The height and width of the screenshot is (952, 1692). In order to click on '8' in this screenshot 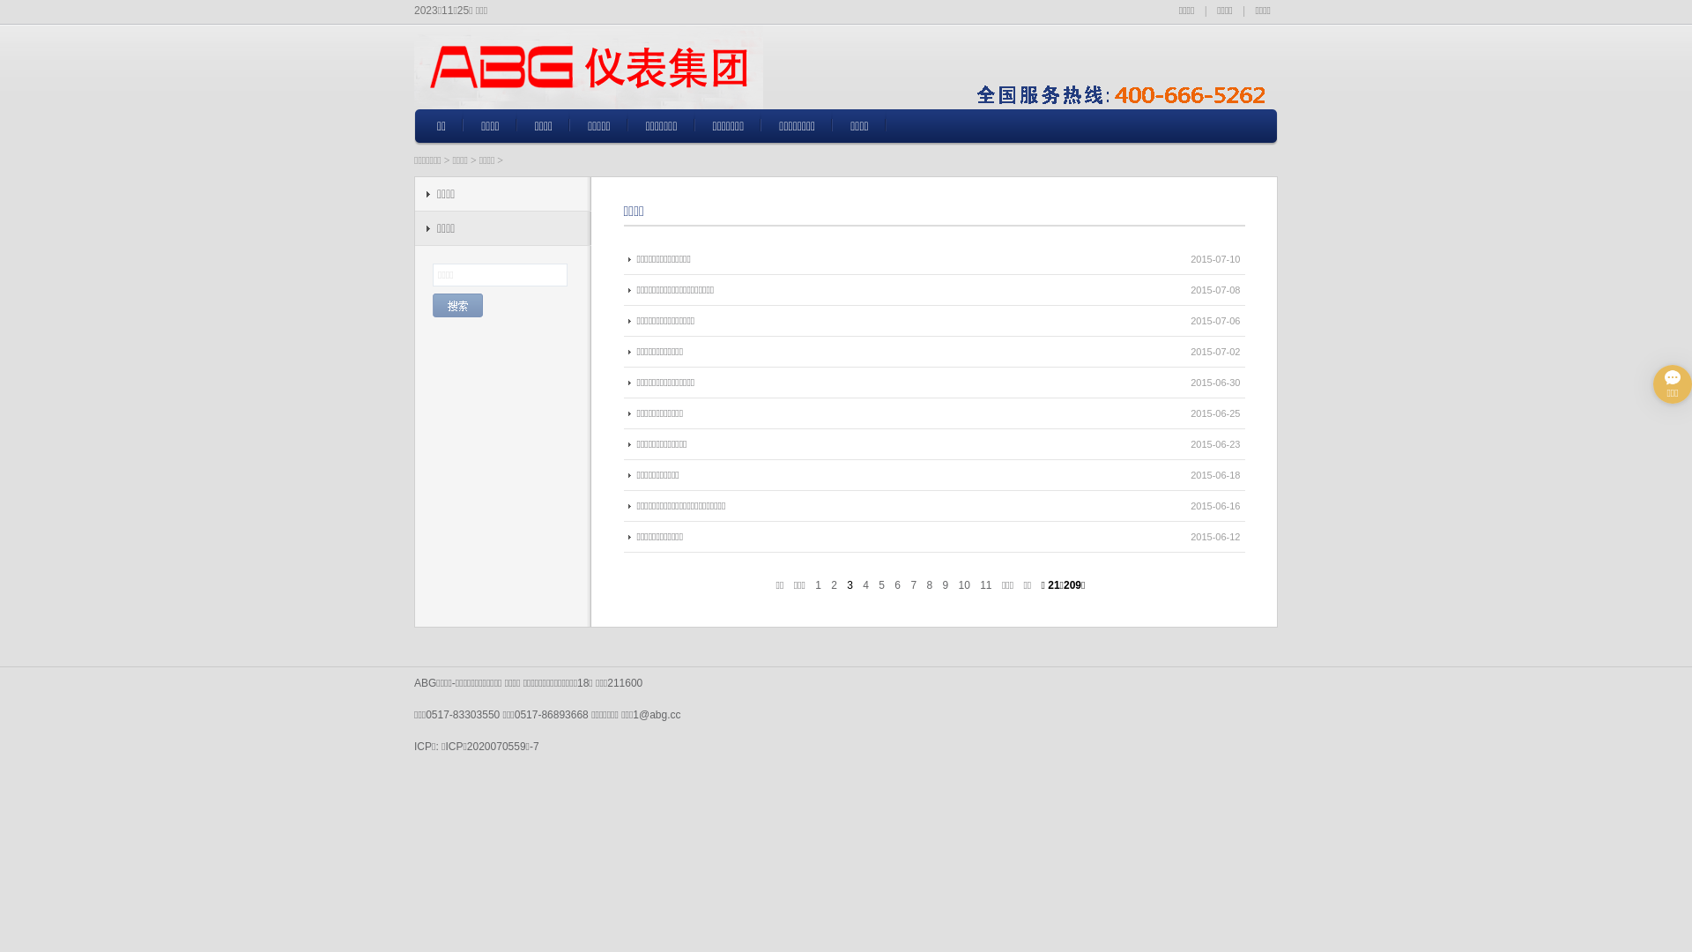, I will do `click(928, 584)`.